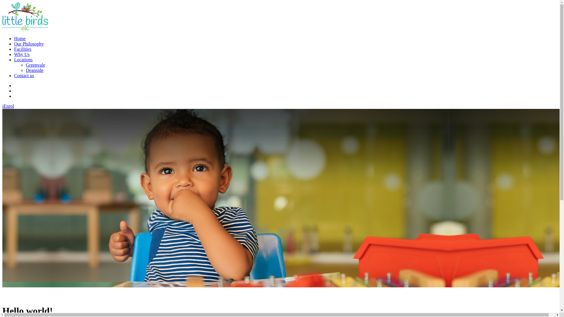 The height and width of the screenshot is (317, 564). I want to click on 'Why Us', so click(22, 54).